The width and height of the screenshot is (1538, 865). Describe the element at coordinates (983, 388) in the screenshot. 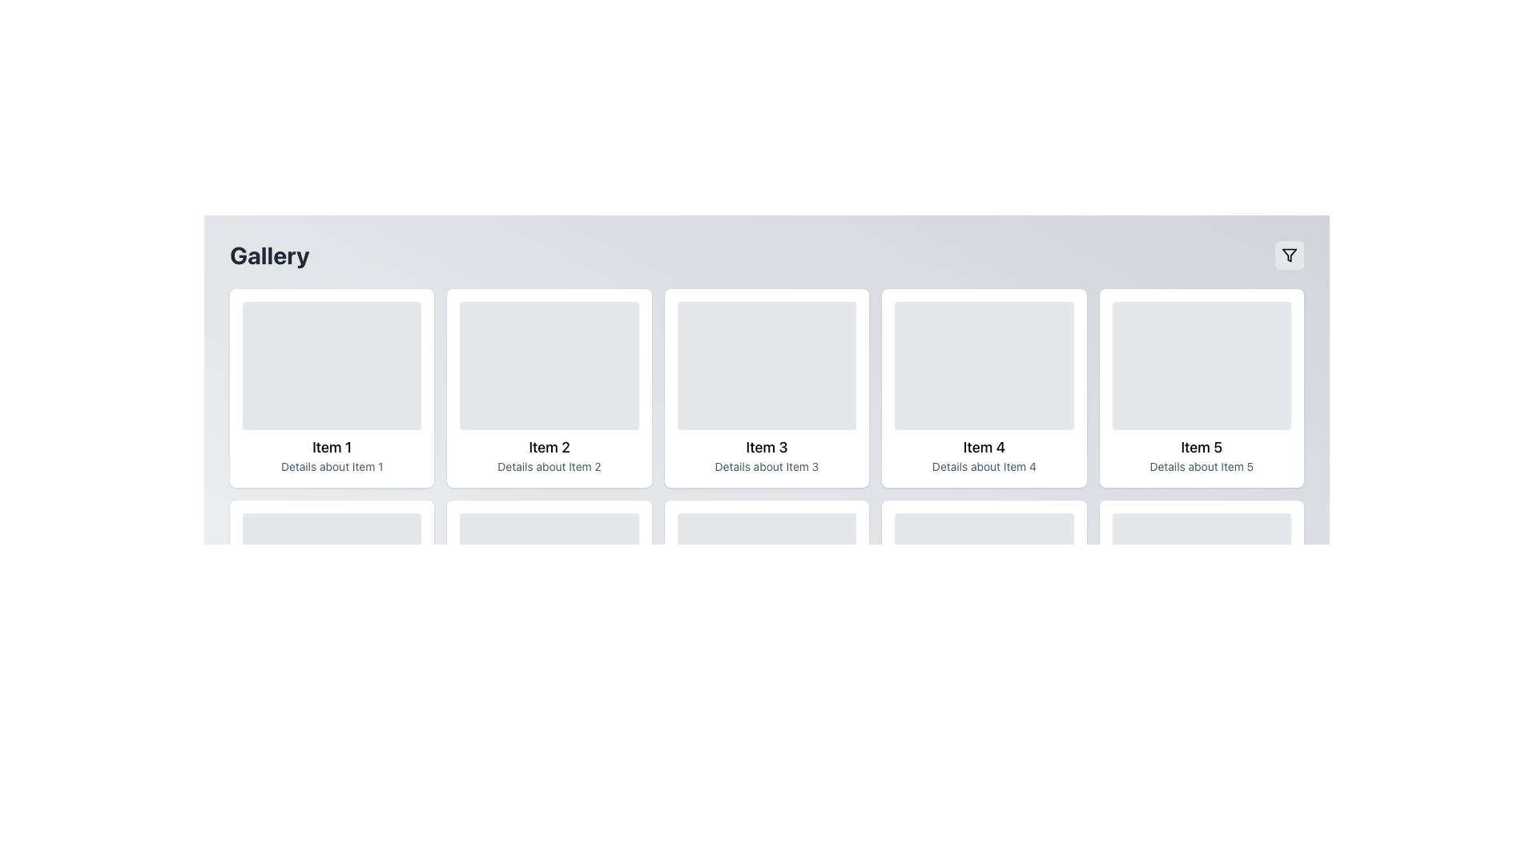

I see `the fourth card in the grid layout, which has a white background, rounded corners, and features the title 'Item 4'` at that location.